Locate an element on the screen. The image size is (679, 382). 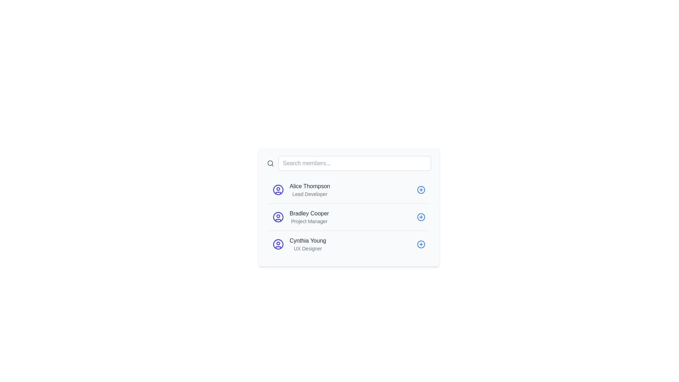
the user avatar icon styled in a circle with an indigo tone, located to the left of 'Alice Thompson' and 'Lead Developer' is located at coordinates (278, 189).